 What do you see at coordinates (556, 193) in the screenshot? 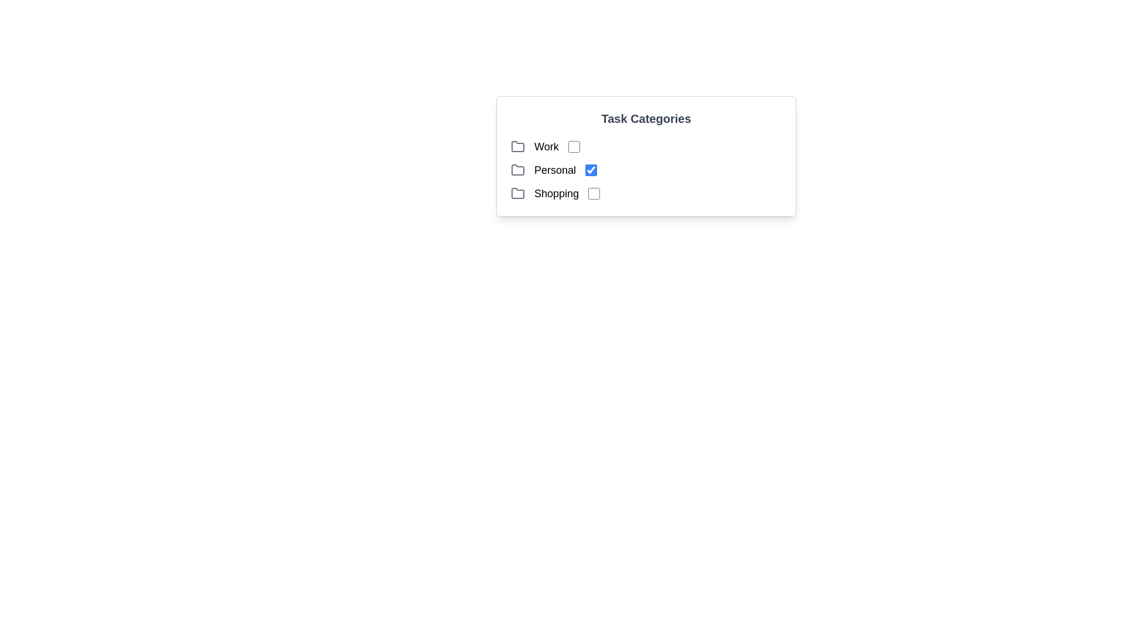
I see `the 'Shopping' label in the 'Task Categories' list, which is the third item and is formatted in bold to emphasize its significance` at bounding box center [556, 193].